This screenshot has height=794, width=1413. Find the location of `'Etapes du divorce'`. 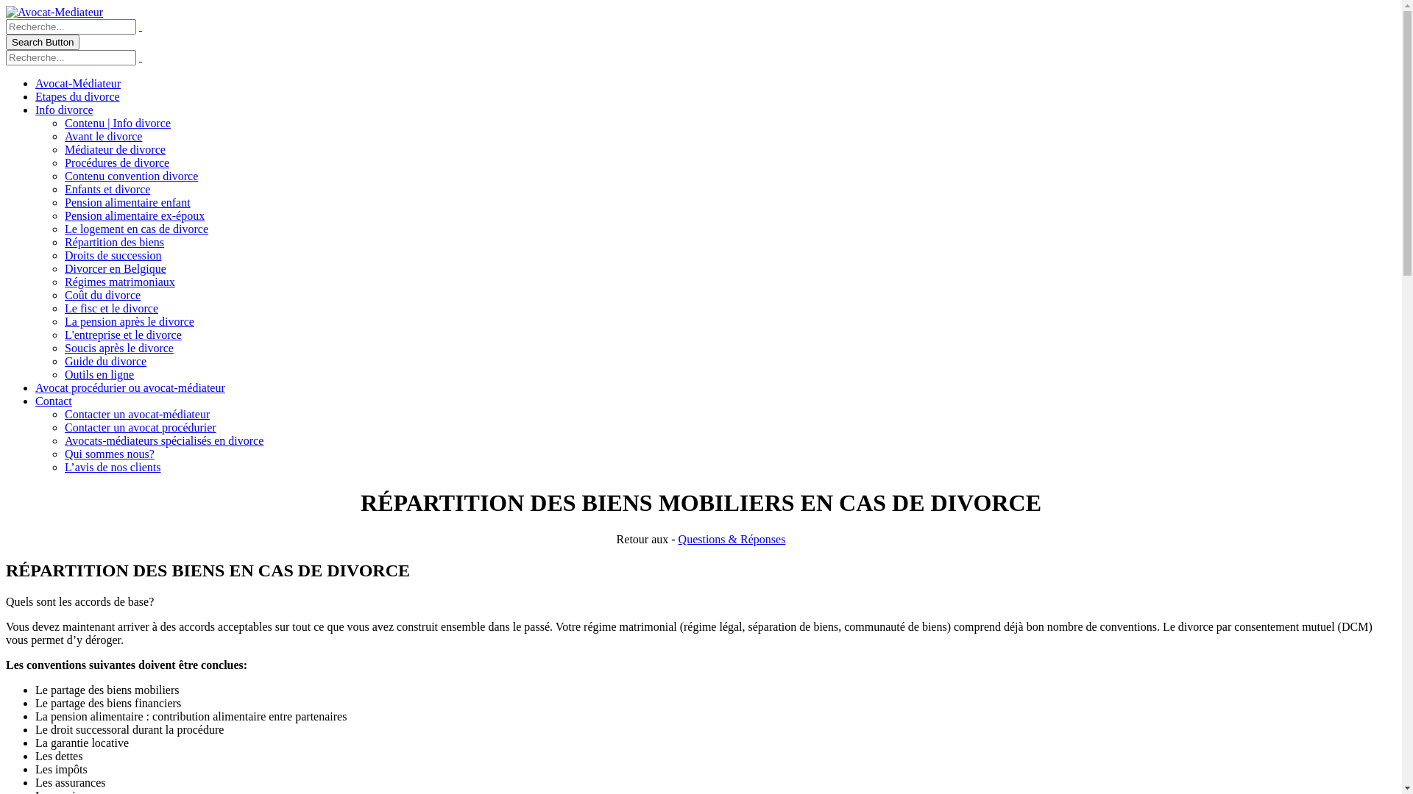

'Etapes du divorce' is located at coordinates (77, 96).